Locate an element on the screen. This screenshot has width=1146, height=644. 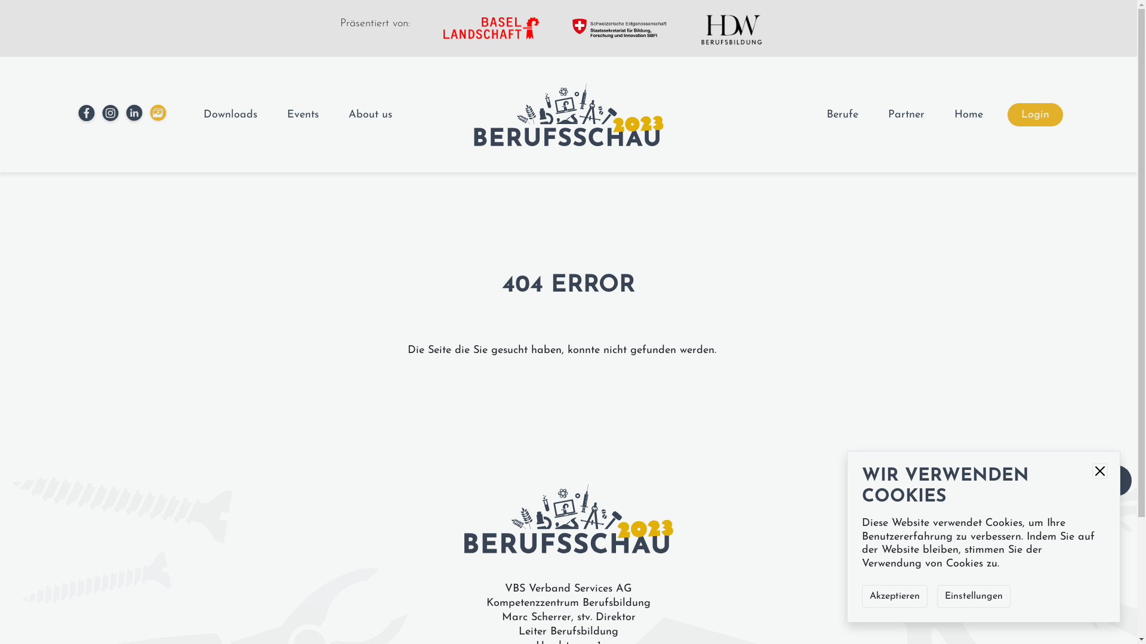
'Home' is located at coordinates (953, 114).